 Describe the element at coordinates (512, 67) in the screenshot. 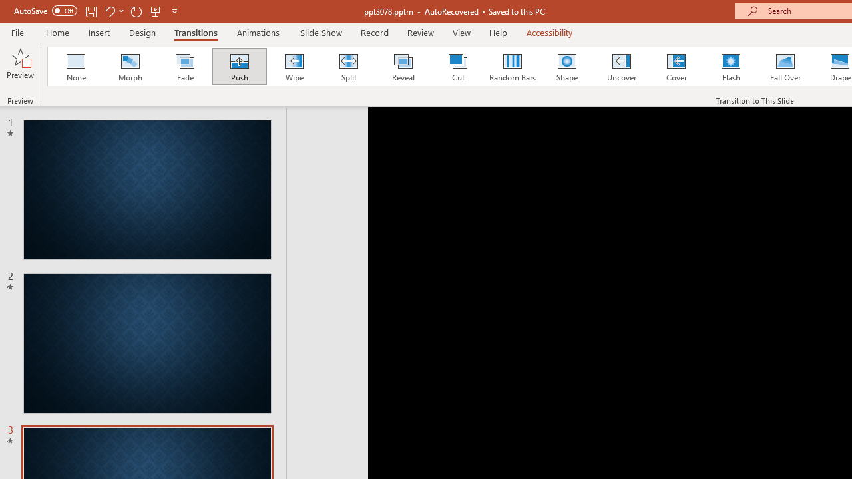

I see `'Random Bars'` at that location.